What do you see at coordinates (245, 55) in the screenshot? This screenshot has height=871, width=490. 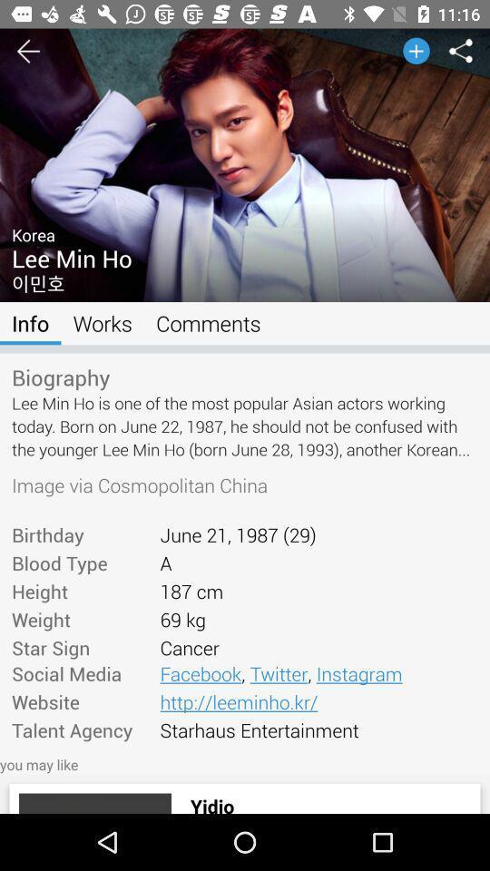 I see `the item above the korea` at bounding box center [245, 55].